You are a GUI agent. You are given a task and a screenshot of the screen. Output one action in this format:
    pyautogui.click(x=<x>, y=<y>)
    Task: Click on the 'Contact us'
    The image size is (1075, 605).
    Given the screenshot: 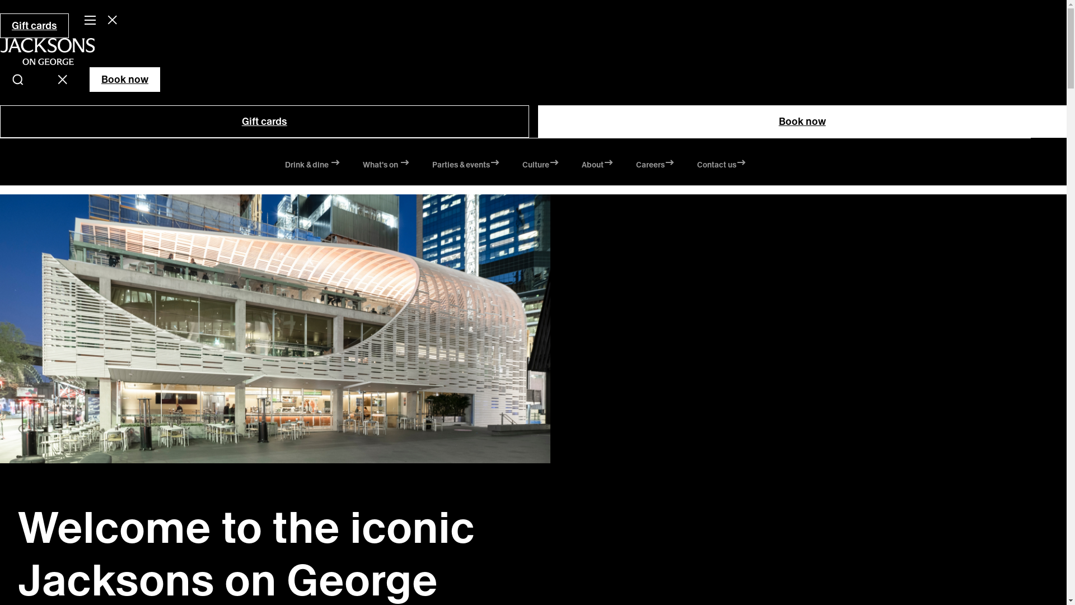 What is the action you would take?
    pyautogui.click(x=695, y=166)
    